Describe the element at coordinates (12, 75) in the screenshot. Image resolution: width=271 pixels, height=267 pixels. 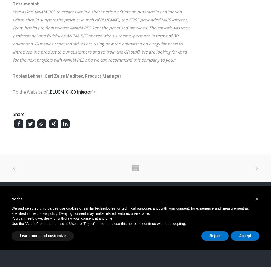
I see `'Tobias Lehner, Carl Zeiss Meditec, Product Manager'` at that location.